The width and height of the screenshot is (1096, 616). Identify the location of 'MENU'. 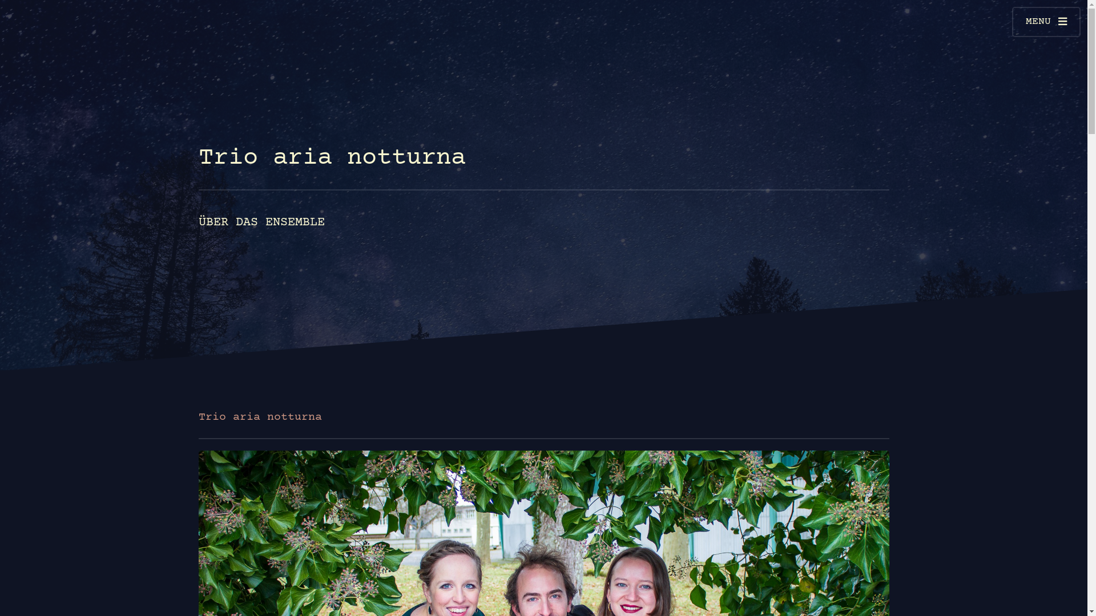
(1012, 22).